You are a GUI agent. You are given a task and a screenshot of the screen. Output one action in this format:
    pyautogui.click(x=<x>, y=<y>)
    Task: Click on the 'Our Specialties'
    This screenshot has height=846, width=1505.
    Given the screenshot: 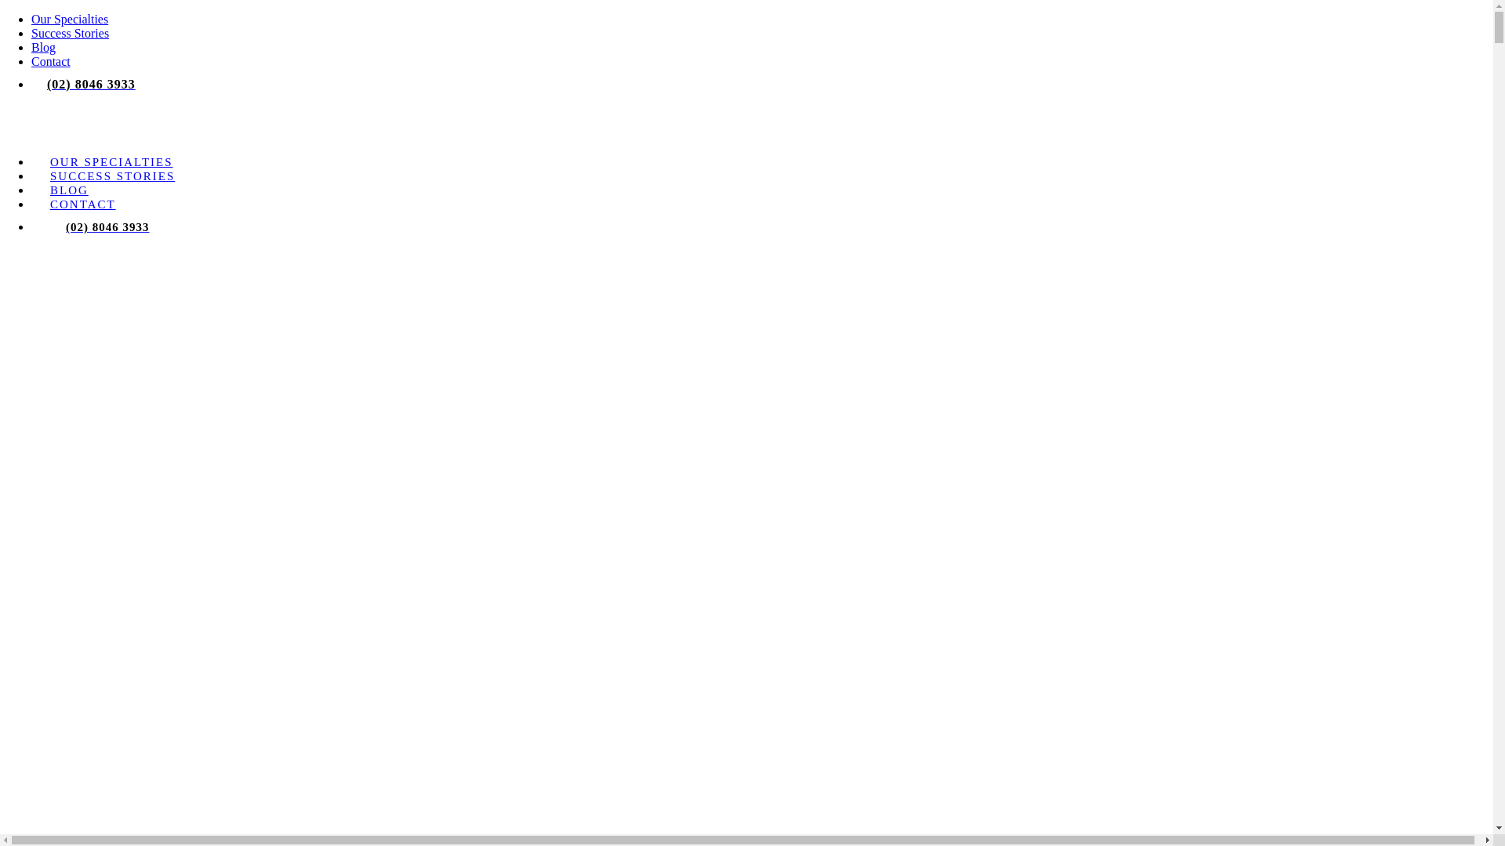 What is the action you would take?
    pyautogui.click(x=69, y=19)
    